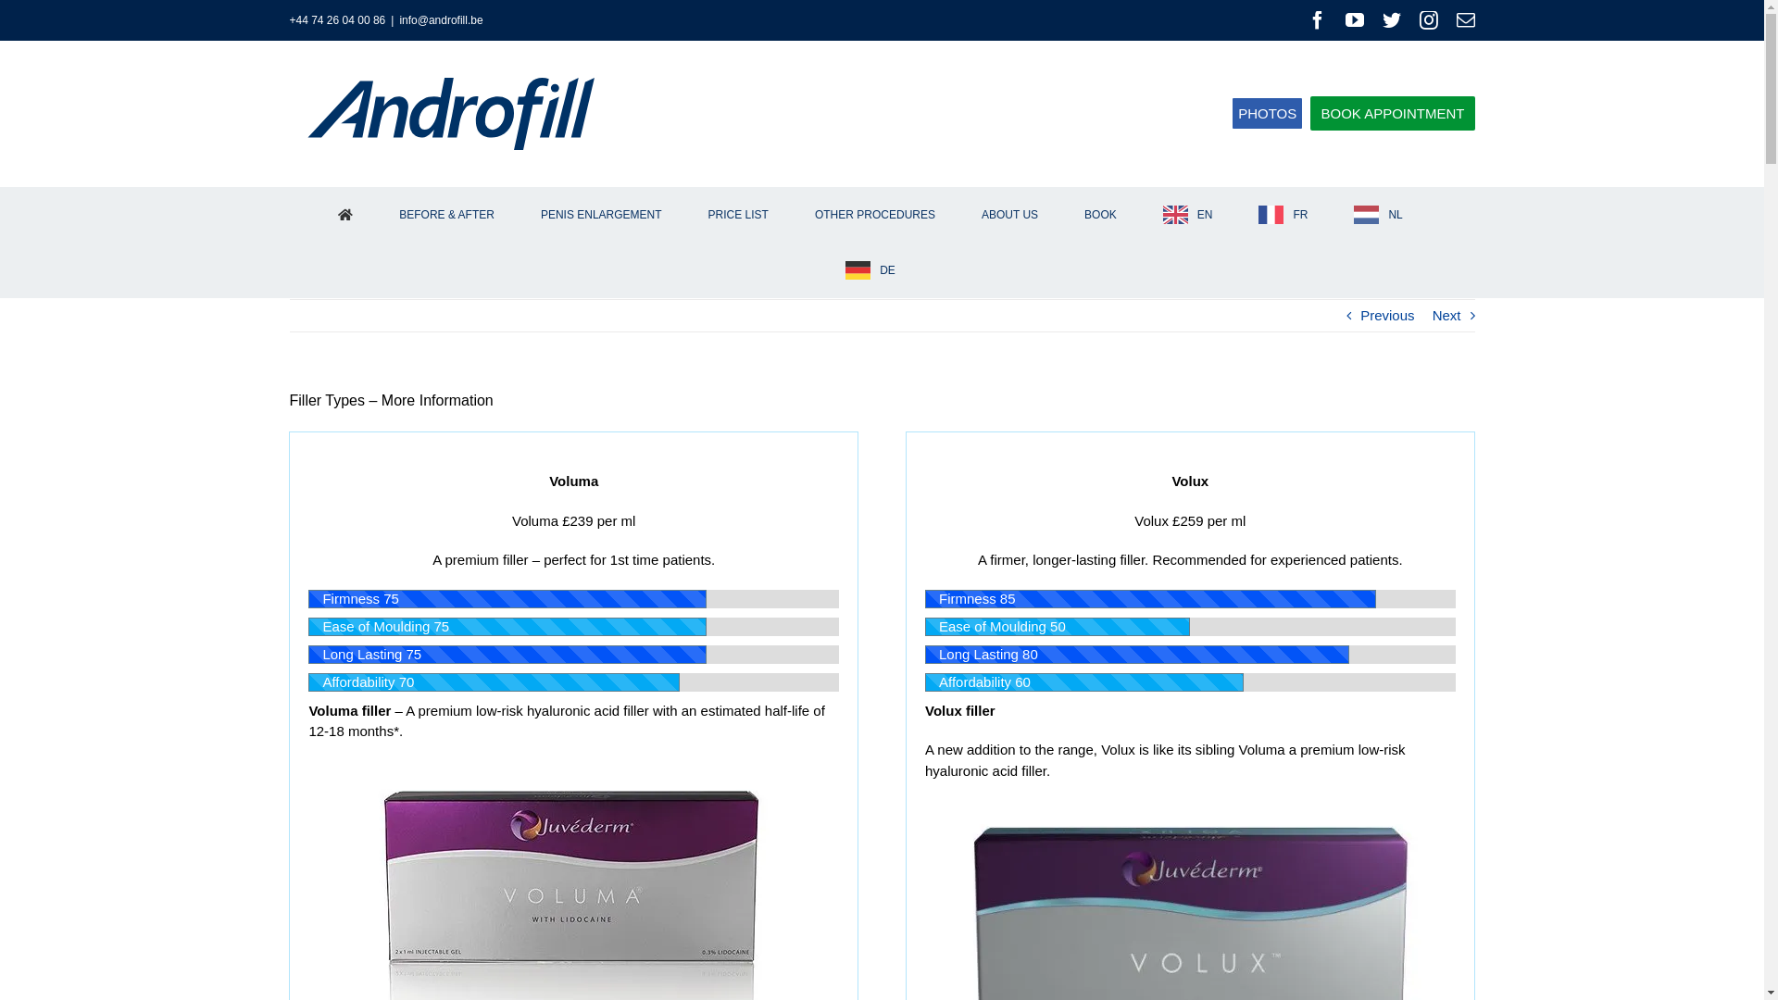 The width and height of the screenshot is (1778, 1000). Describe the element at coordinates (1342, 213) in the screenshot. I see `'NL'` at that location.